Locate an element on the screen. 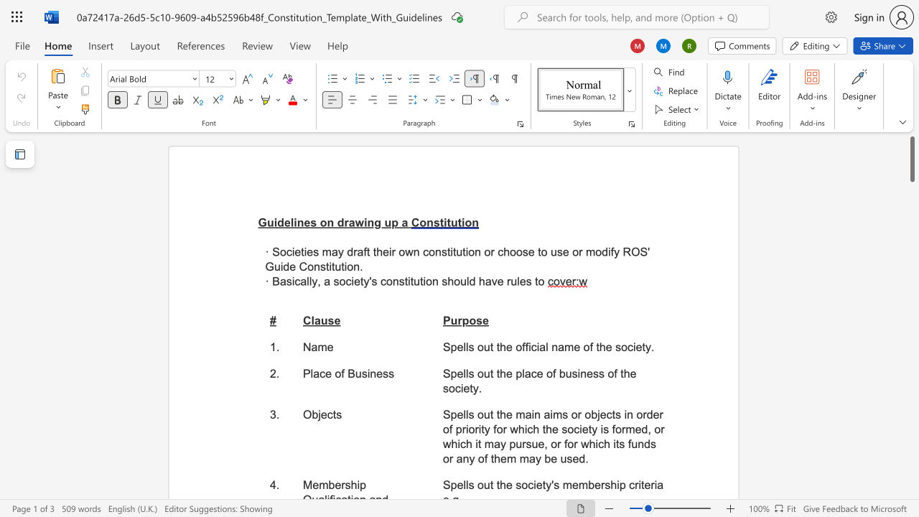 The width and height of the screenshot is (919, 517). the space between the continuous character "y" and "," in the text is located at coordinates (316, 281).